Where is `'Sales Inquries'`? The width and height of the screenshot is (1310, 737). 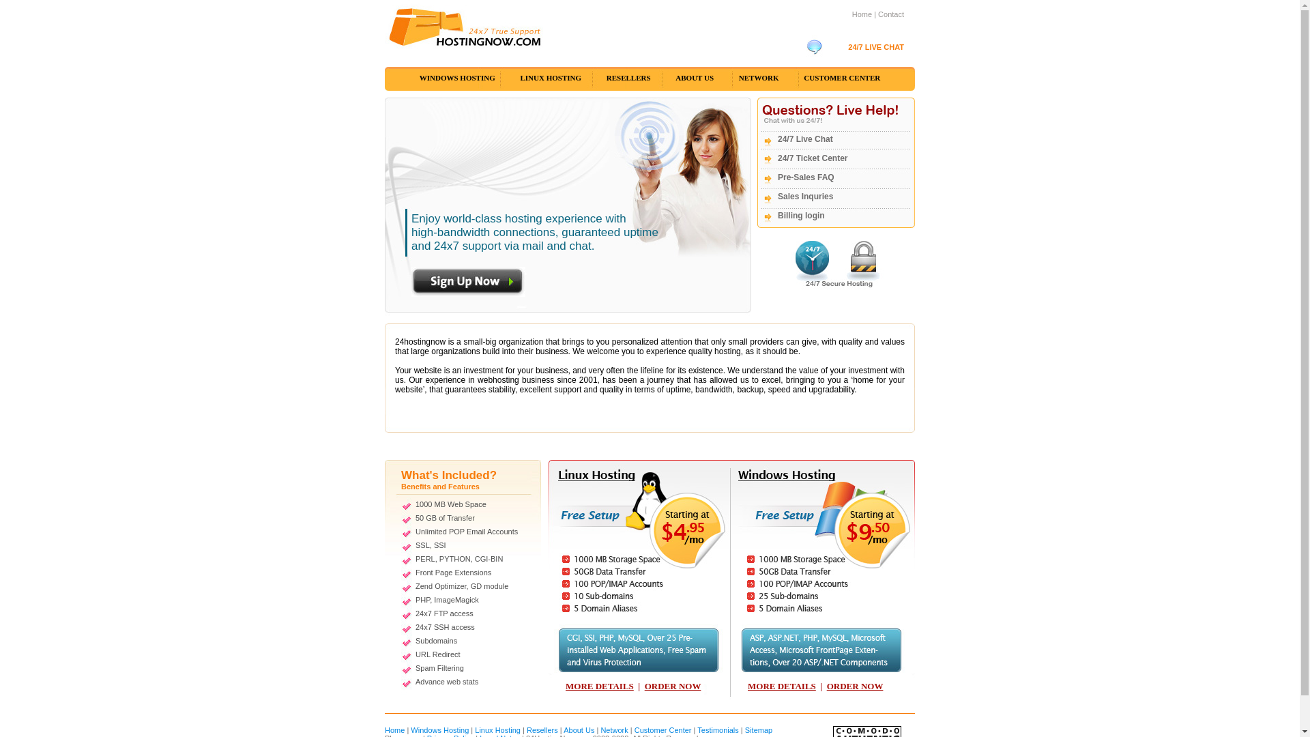 'Sales Inquries' is located at coordinates (805, 197).